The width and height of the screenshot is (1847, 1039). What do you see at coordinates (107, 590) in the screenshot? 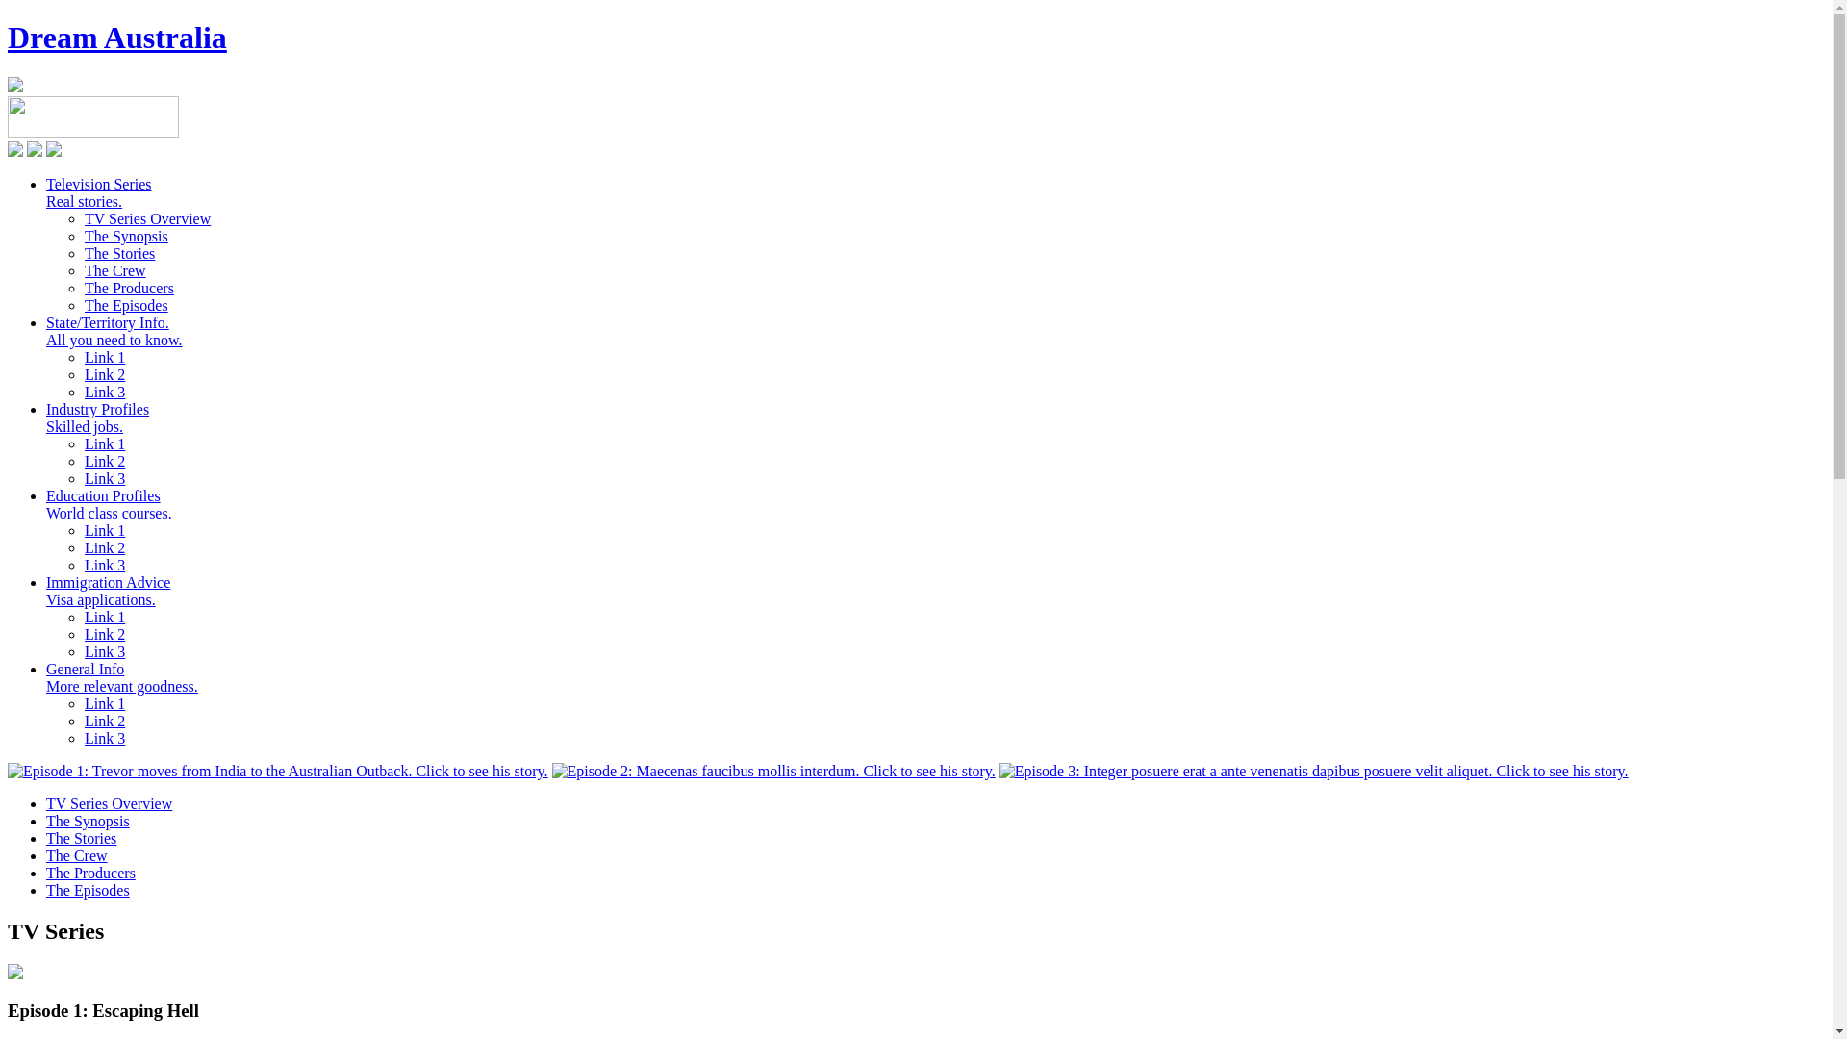
I see `'Immigration Advice` at bounding box center [107, 590].